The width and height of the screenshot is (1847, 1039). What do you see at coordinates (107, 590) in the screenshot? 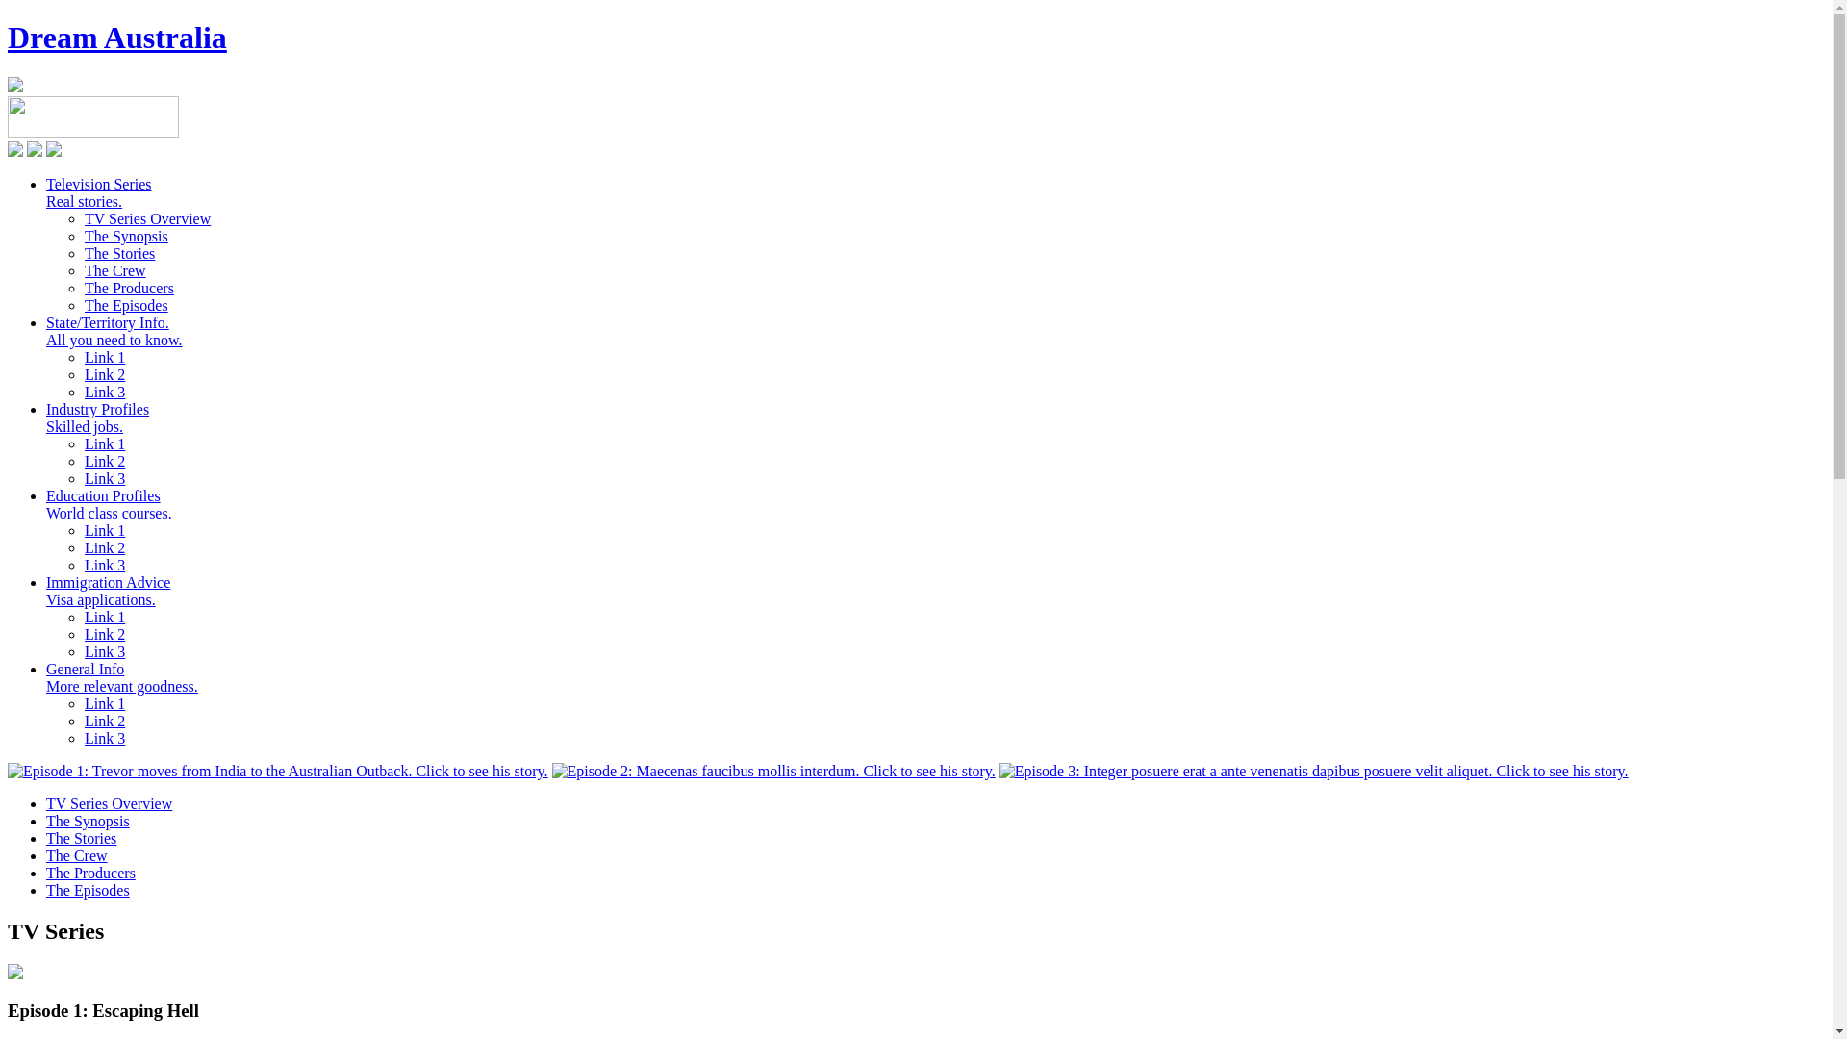
I see `'Immigration Advice` at bounding box center [107, 590].